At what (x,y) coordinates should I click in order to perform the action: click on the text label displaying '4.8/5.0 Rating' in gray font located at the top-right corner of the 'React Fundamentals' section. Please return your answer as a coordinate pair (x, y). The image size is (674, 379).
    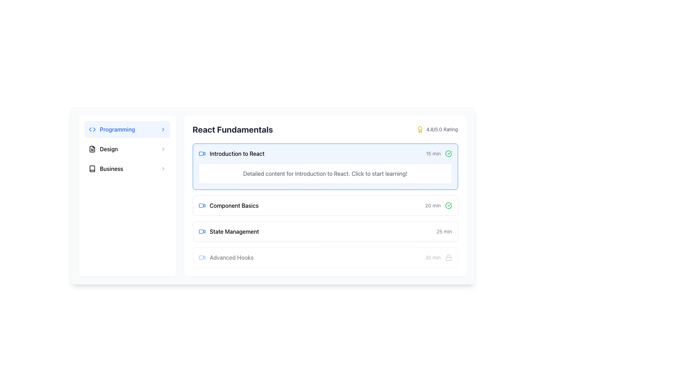
    Looking at the image, I should click on (442, 129).